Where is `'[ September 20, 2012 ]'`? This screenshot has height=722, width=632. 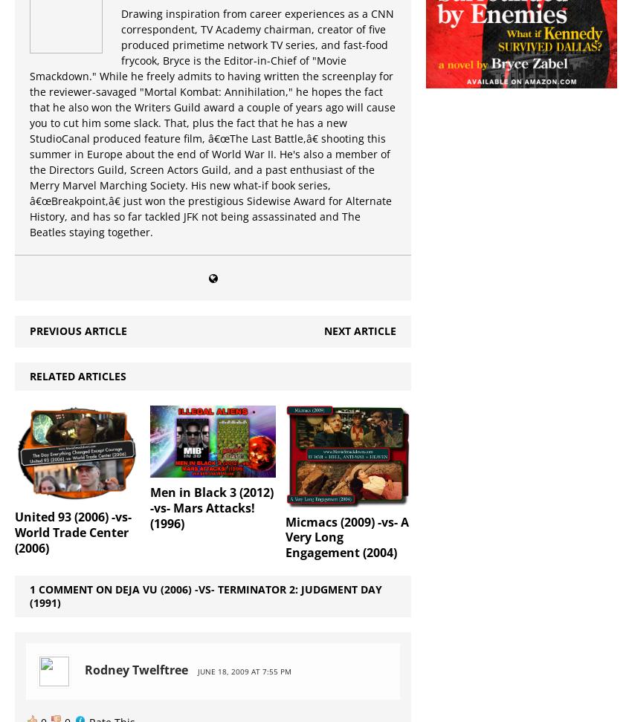 '[ September 20, 2012 ]' is located at coordinates (167, 185).